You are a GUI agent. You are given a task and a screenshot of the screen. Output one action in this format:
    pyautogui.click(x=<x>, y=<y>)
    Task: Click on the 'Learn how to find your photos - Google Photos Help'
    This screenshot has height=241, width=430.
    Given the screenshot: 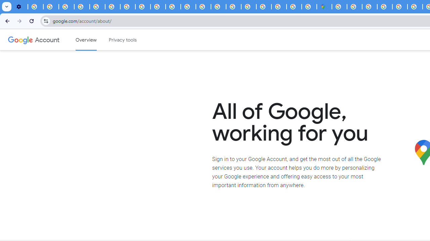 What is the action you would take?
    pyautogui.click(x=51, y=7)
    